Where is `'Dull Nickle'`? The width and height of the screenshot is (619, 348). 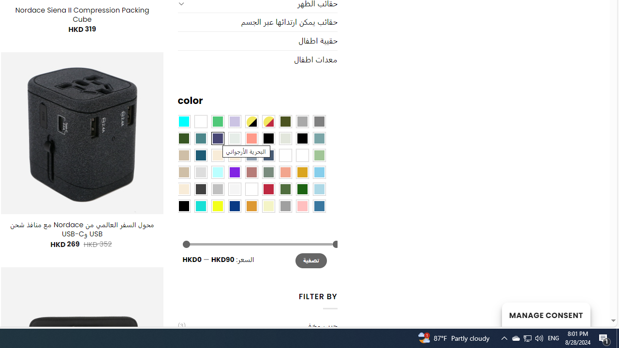 'Dull Nickle' is located at coordinates (235, 138).